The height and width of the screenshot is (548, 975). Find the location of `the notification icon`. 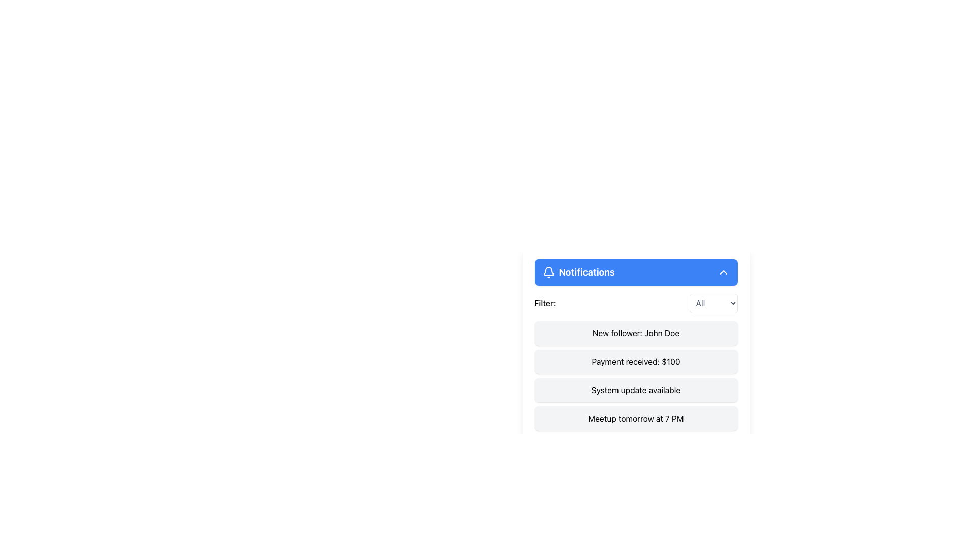

the notification icon is located at coordinates (548, 270).